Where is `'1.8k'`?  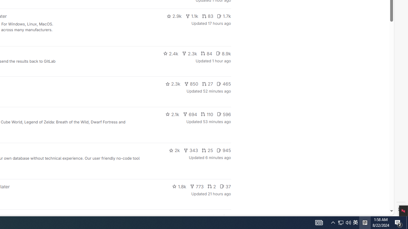 '1.8k' is located at coordinates (179, 186).